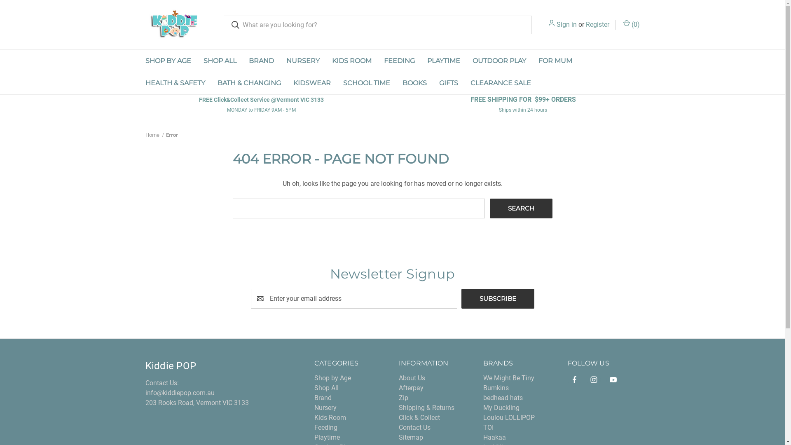  I want to click on 'TOI', so click(488, 427).